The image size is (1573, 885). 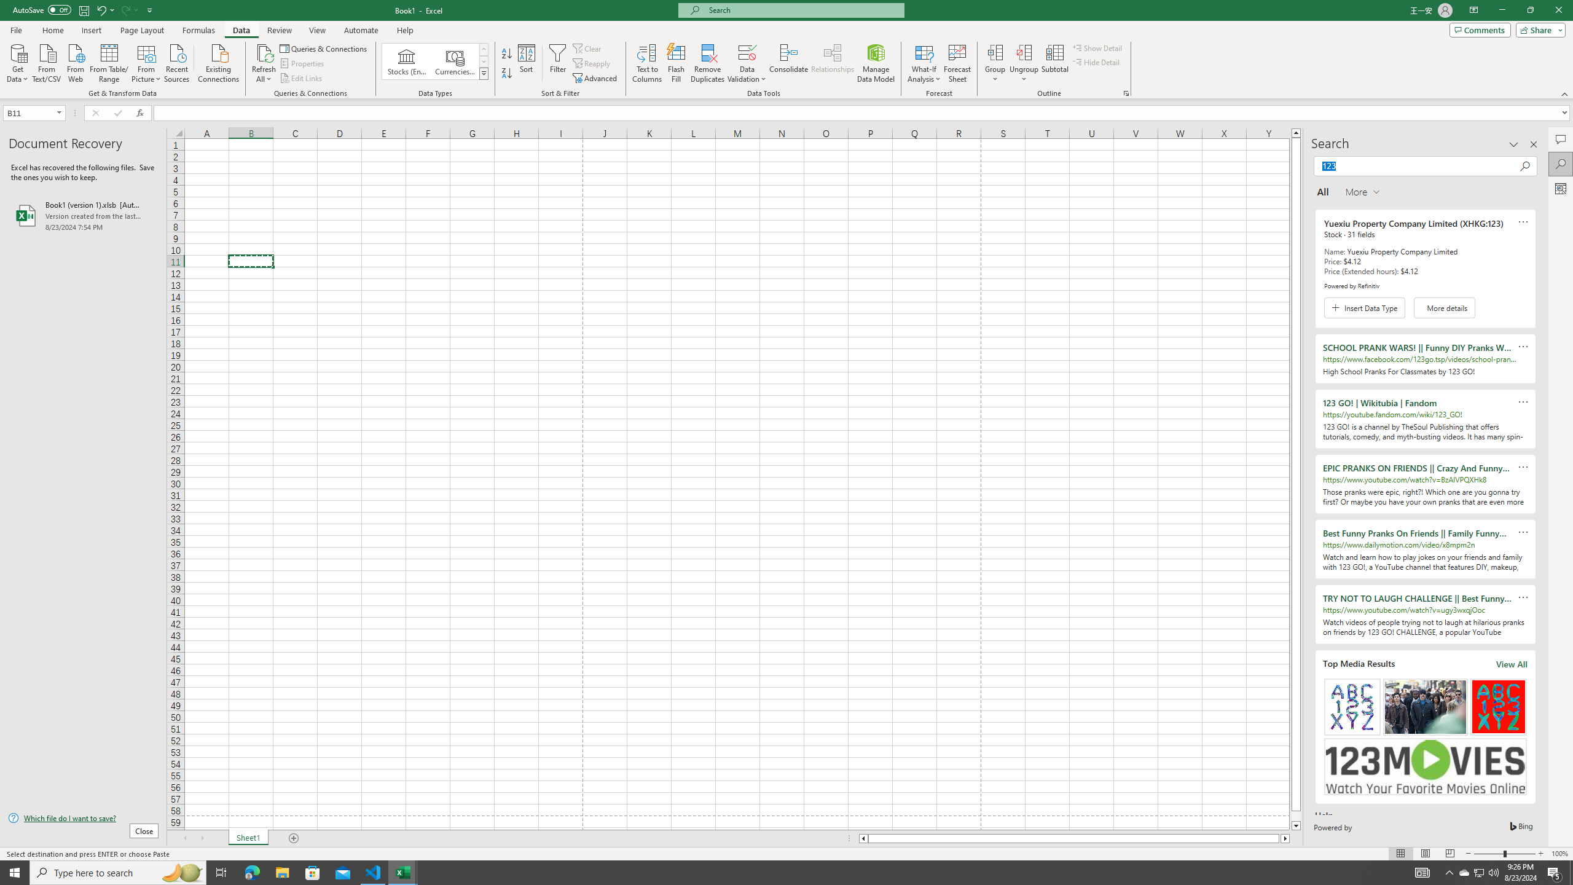 What do you see at coordinates (506, 53) in the screenshot?
I see `'Sort A to Z'` at bounding box center [506, 53].